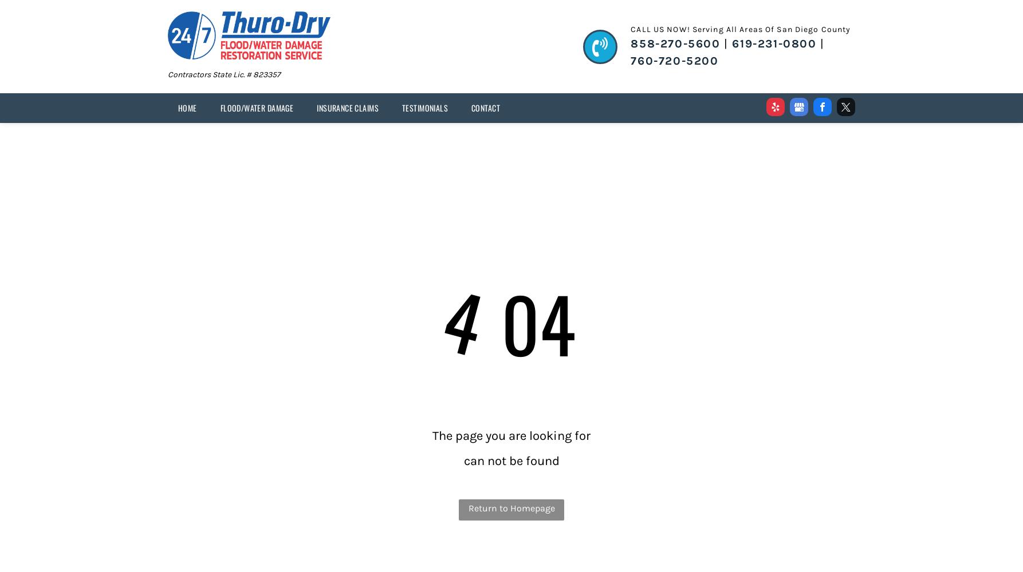  What do you see at coordinates (773, 43) in the screenshot?
I see `'619-231-0800'` at bounding box center [773, 43].